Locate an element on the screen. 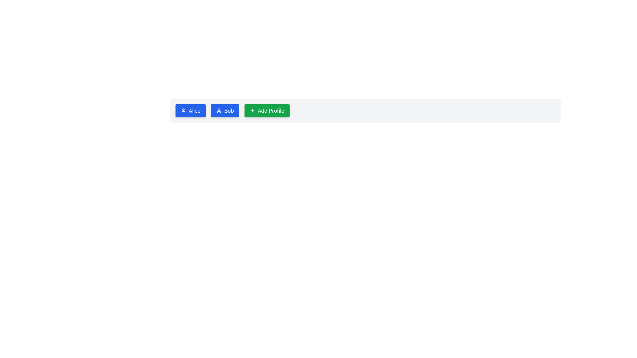 The height and width of the screenshot is (358, 637). the graphic icon representing the 'Add Profile' function located at the top-right corner of the button with a green background is located at coordinates (252, 110).